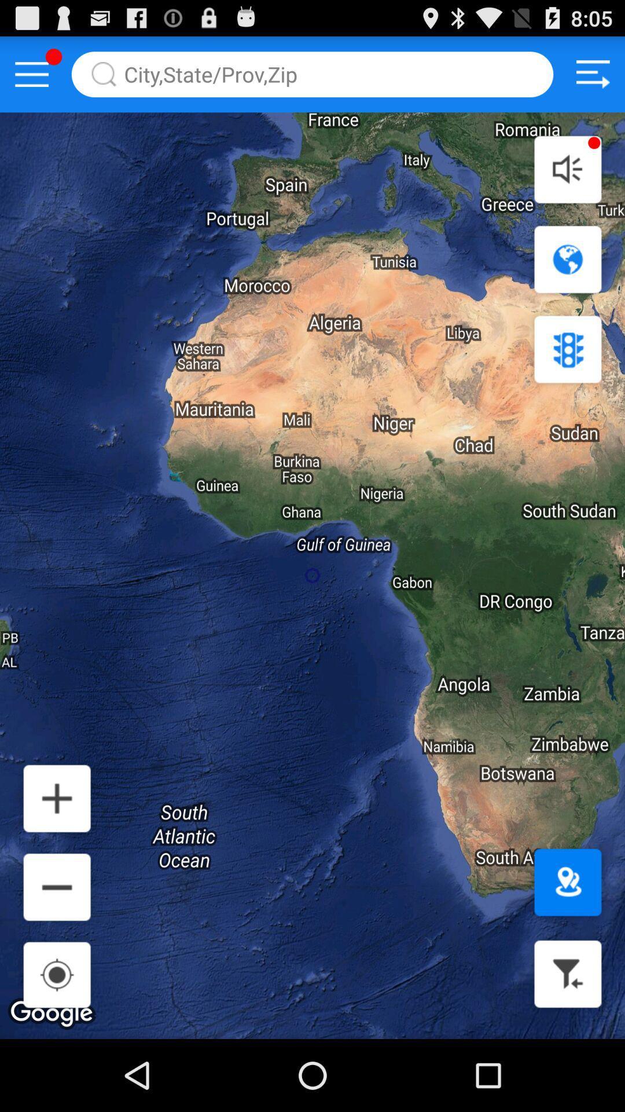 This screenshot has height=1112, width=625. What do you see at coordinates (312, 74) in the screenshot?
I see `the location name` at bounding box center [312, 74].